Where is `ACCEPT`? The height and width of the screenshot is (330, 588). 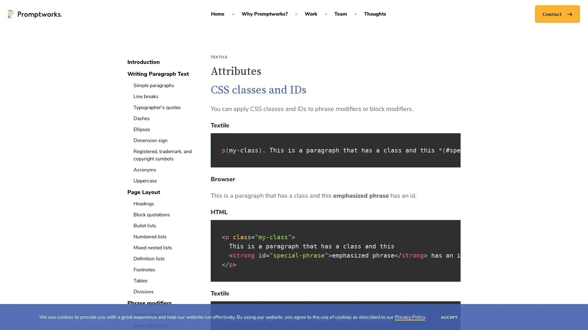 ACCEPT is located at coordinates (449, 317).